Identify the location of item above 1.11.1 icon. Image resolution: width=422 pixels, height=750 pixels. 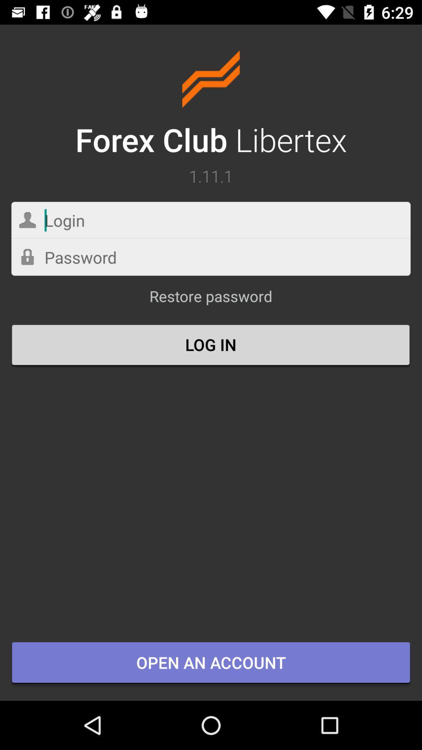
(211, 105).